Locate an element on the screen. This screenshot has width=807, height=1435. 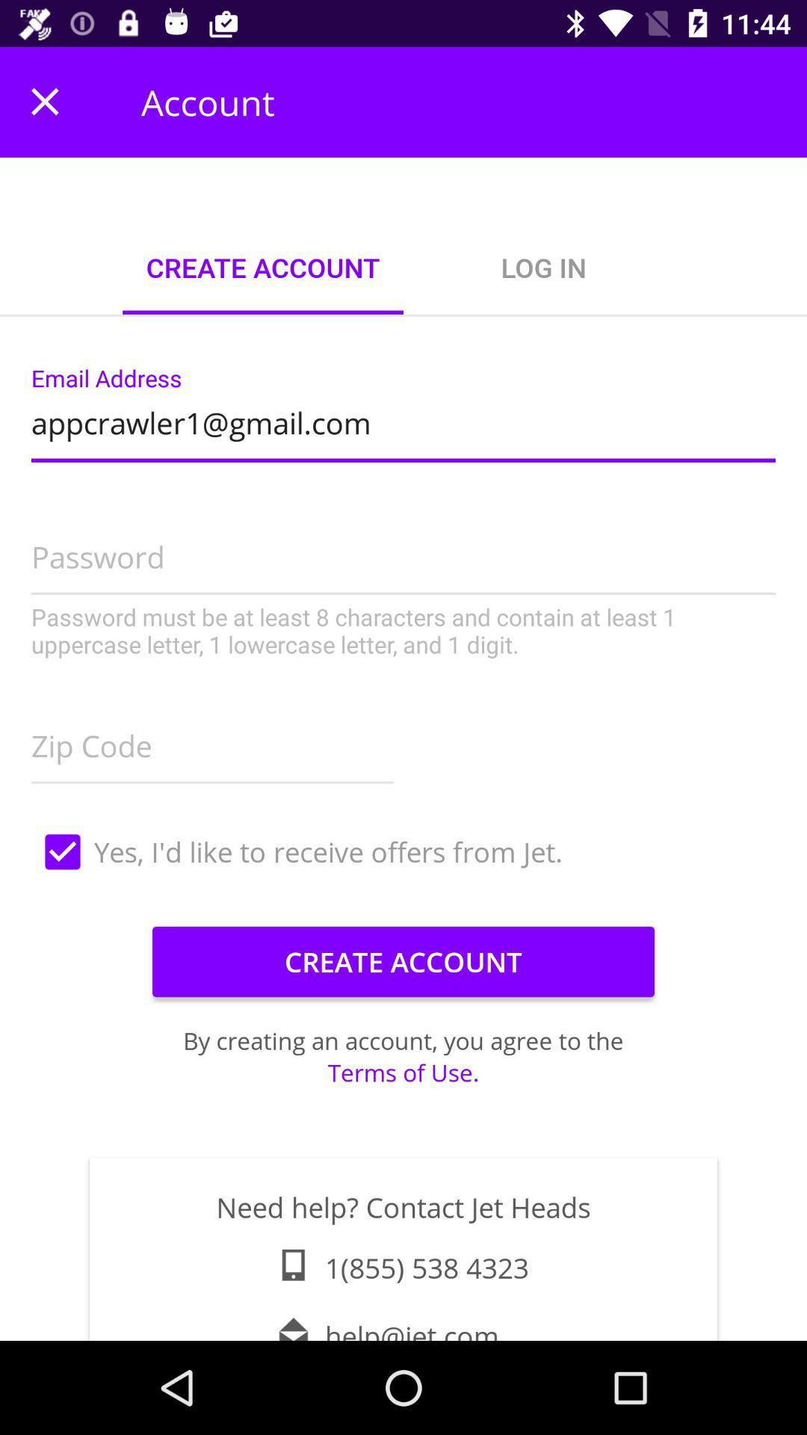
the terms of use. item is located at coordinates (403, 1072).